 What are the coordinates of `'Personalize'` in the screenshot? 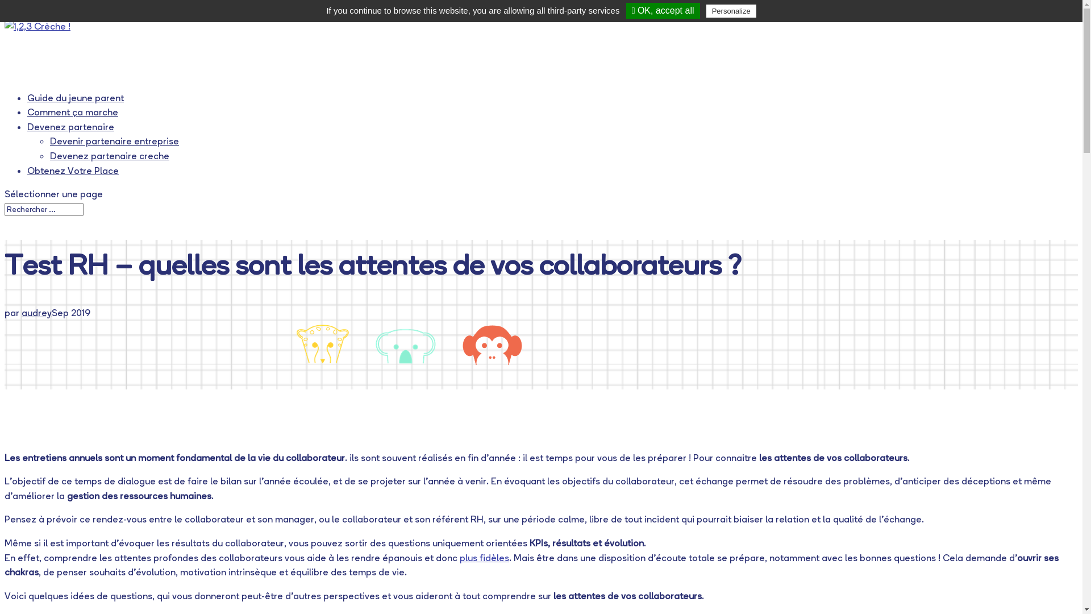 It's located at (731, 11).